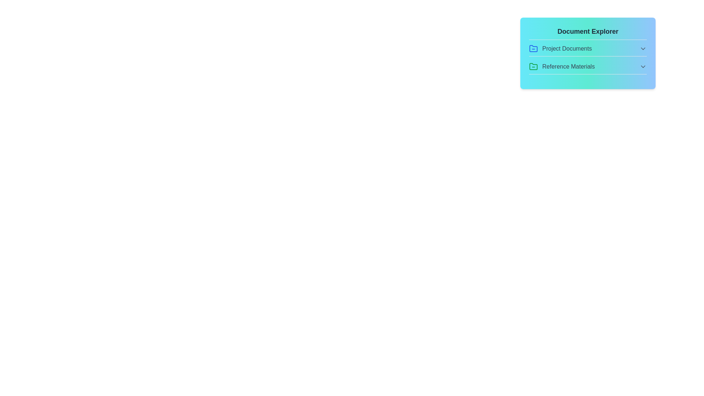  I want to click on the file Timeline.docx from the section Project Documents, so click(588, 50).